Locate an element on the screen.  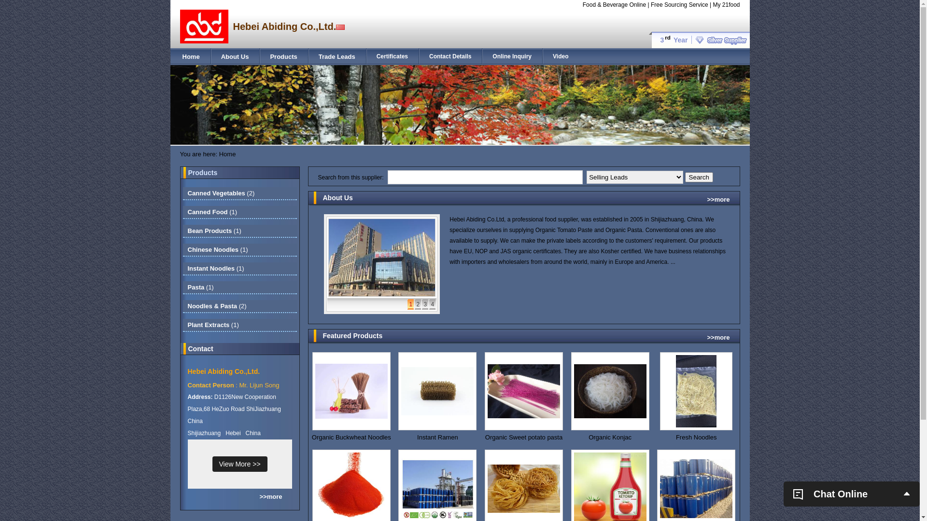
'My 21food' is located at coordinates (726, 5).